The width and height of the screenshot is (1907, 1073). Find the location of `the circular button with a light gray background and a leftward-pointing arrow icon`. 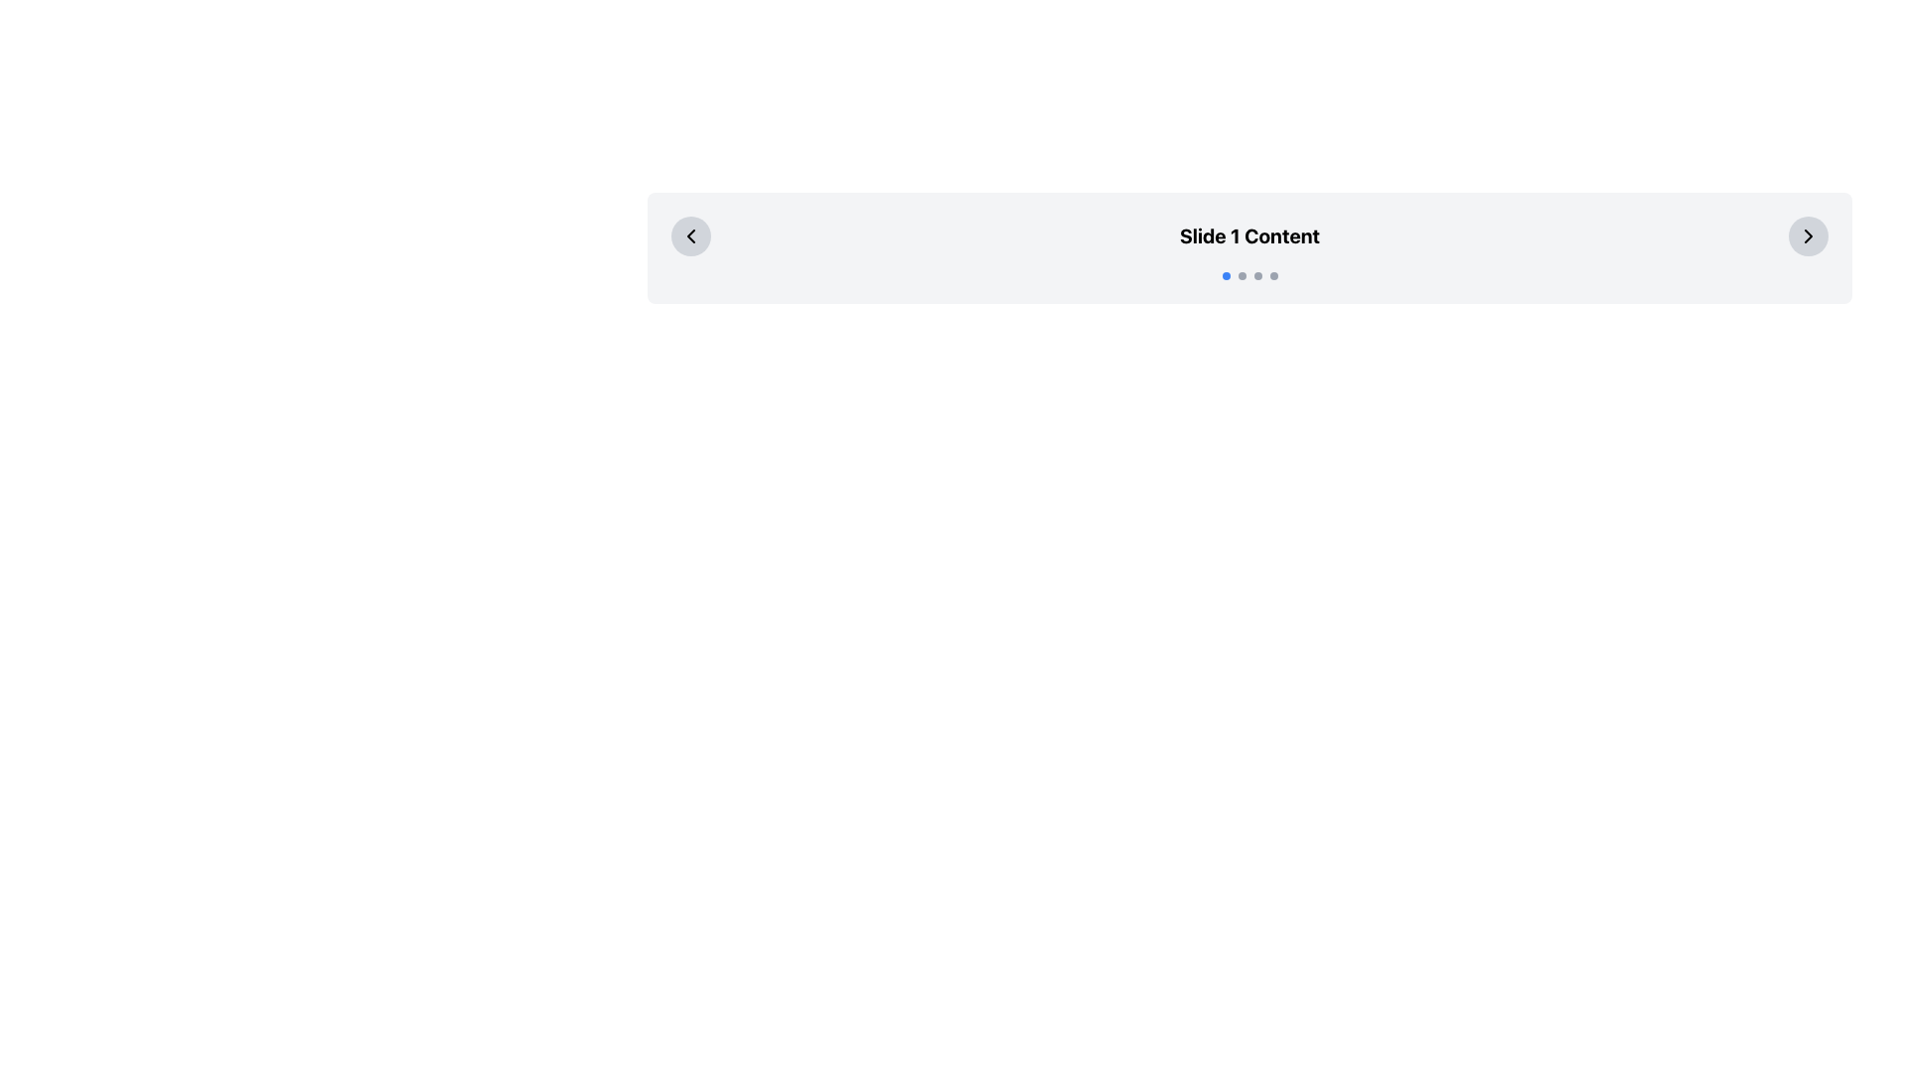

the circular button with a light gray background and a leftward-pointing arrow icon is located at coordinates (691, 235).